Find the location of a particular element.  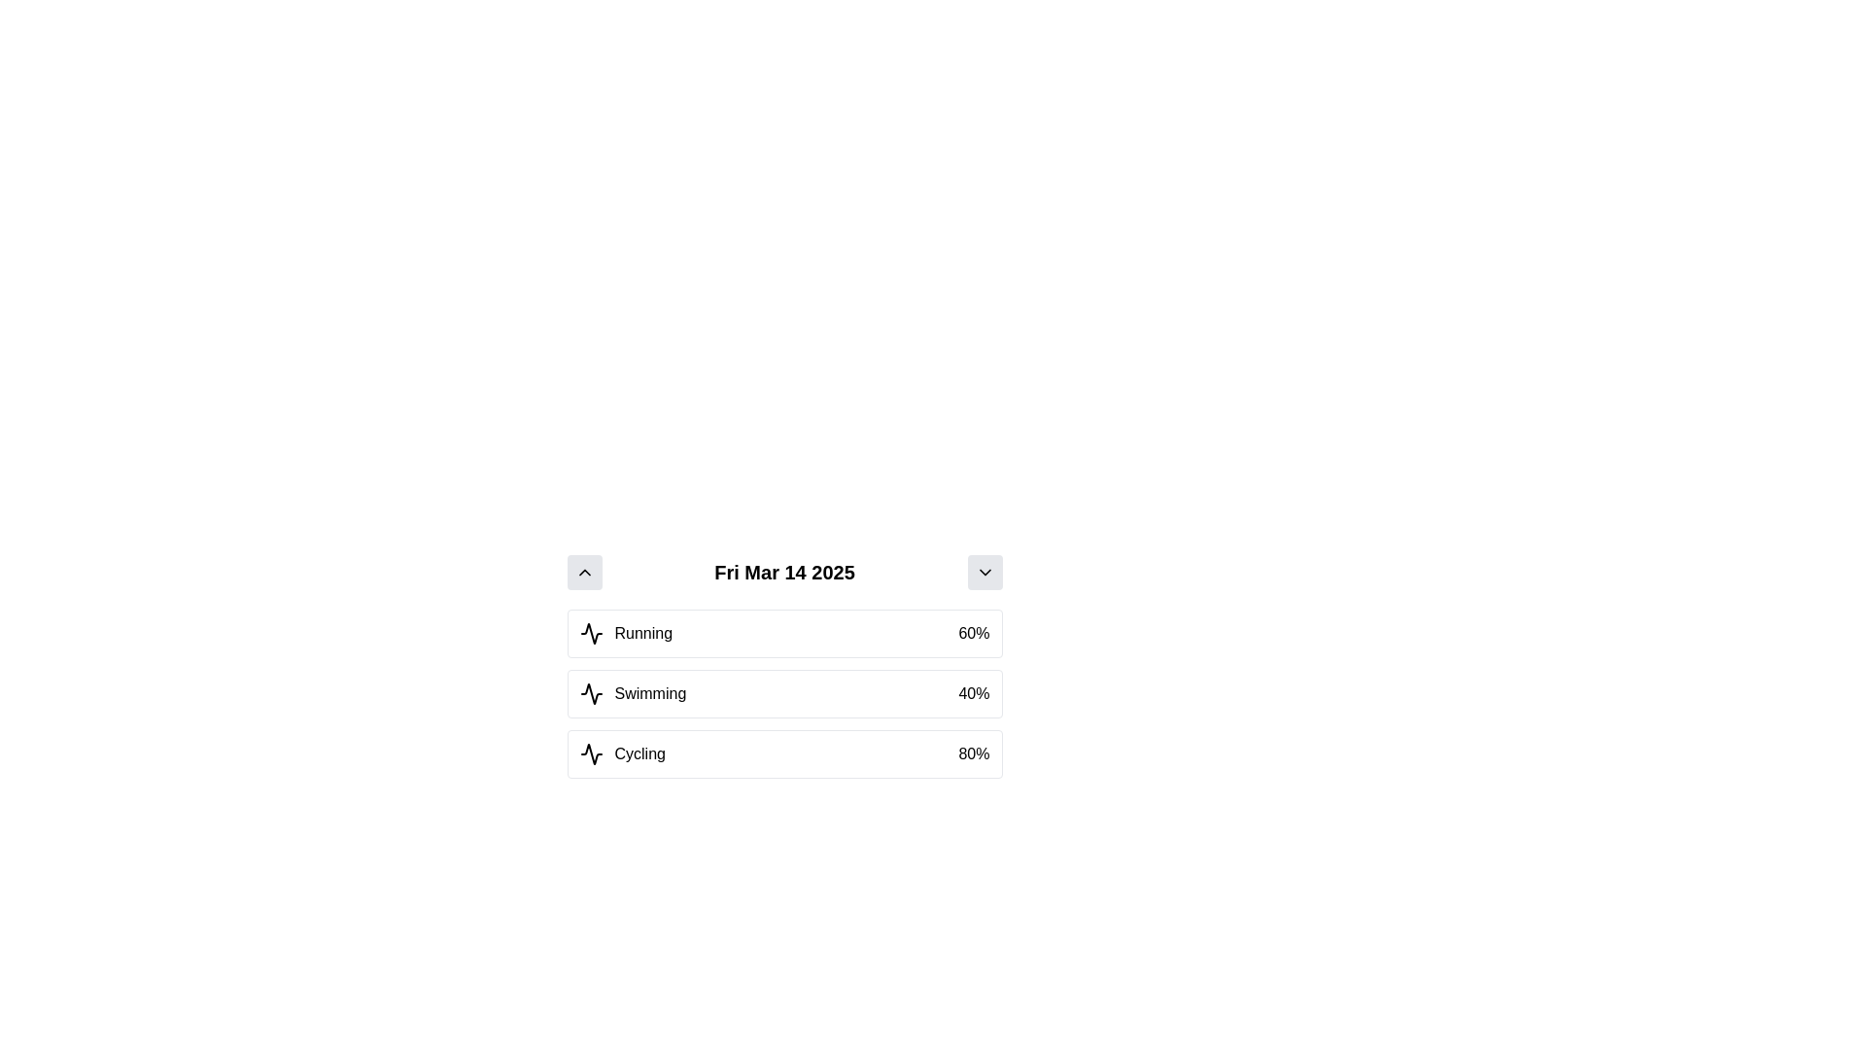

the zigzag line icon that represents a heartbeat or activity signal, located to the left of the 'Running' label in the list interface is located at coordinates (590, 633).